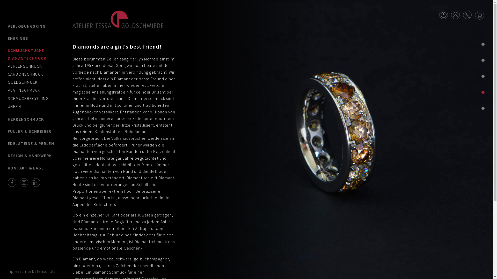 The width and height of the screenshot is (497, 279). Describe the element at coordinates (31, 168) in the screenshot. I see `'KONTAKT & LAGE'` at that location.